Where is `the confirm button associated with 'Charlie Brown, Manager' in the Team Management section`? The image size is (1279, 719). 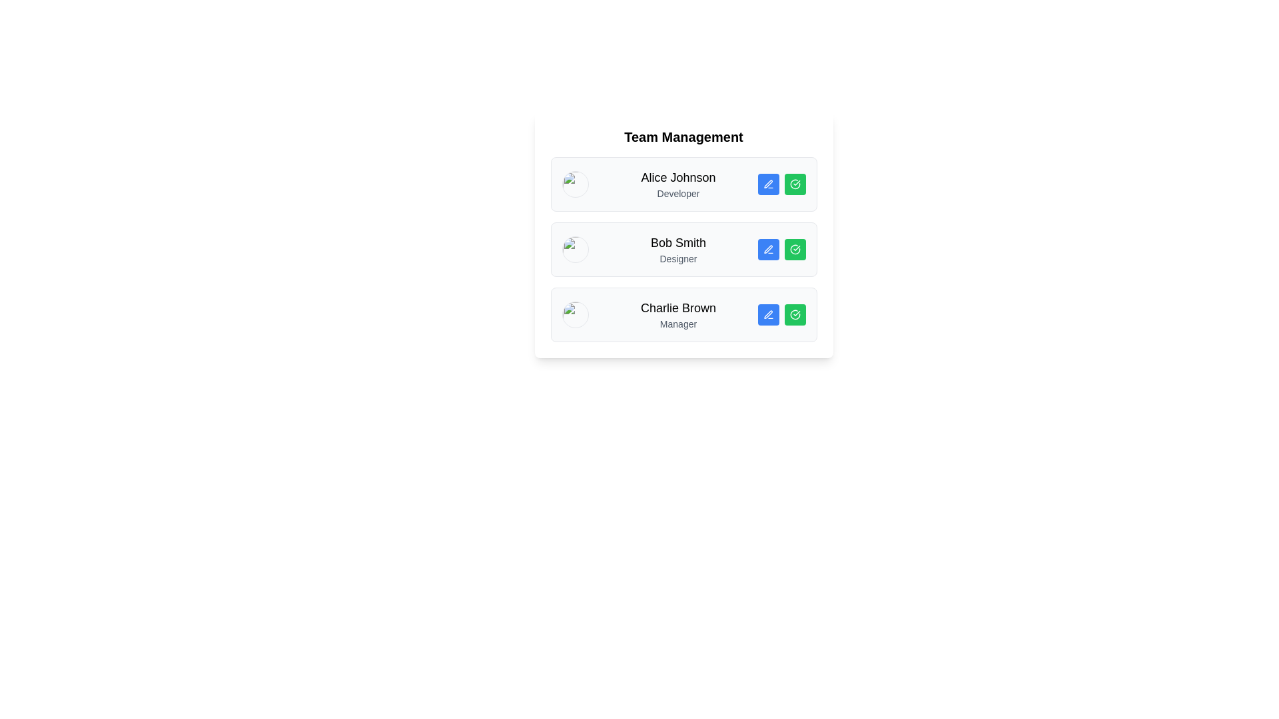 the confirm button associated with 'Charlie Brown, Manager' in the Team Management section is located at coordinates (795, 315).